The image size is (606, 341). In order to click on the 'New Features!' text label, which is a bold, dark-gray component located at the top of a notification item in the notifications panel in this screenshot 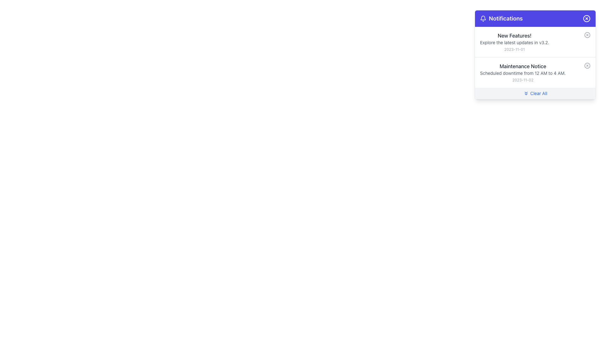, I will do `click(514, 35)`.